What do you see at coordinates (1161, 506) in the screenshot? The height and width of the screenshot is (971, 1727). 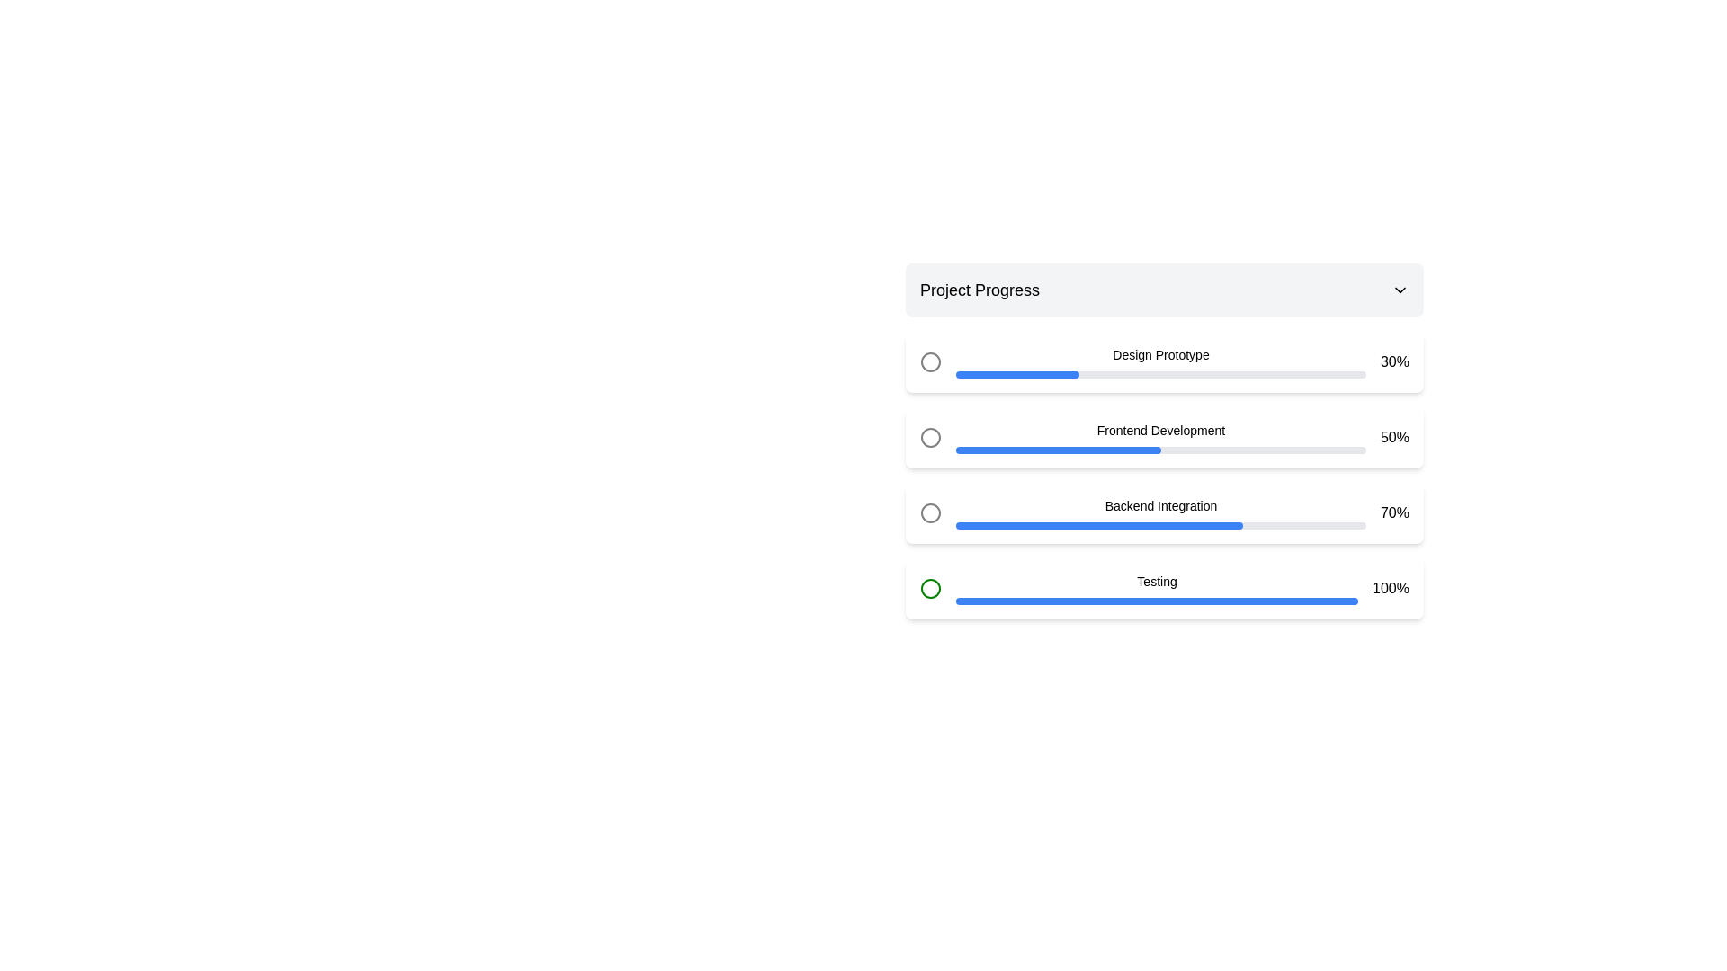 I see `text label that describes the task 'Backend Integration' located in the third segment of the progress tracker visual, positioned above the progress bar` at bounding box center [1161, 506].